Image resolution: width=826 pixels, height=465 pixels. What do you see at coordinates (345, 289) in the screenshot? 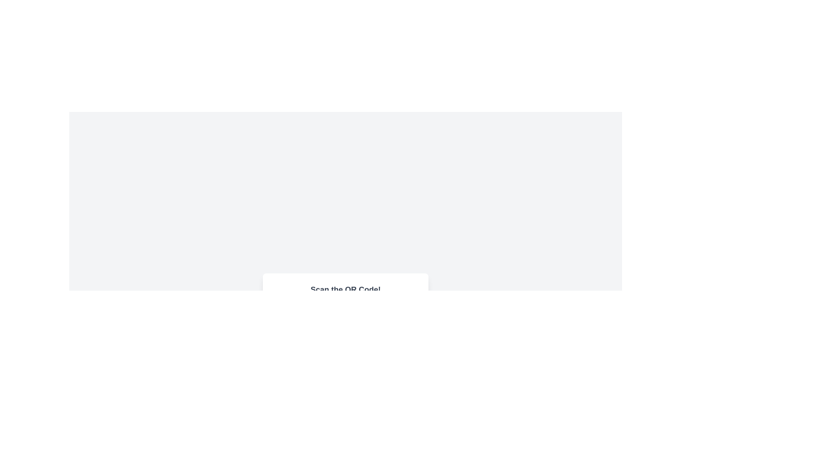
I see `the text label that provides instructions for scanning a QR code, located at the upper-middle region of the interface` at bounding box center [345, 289].